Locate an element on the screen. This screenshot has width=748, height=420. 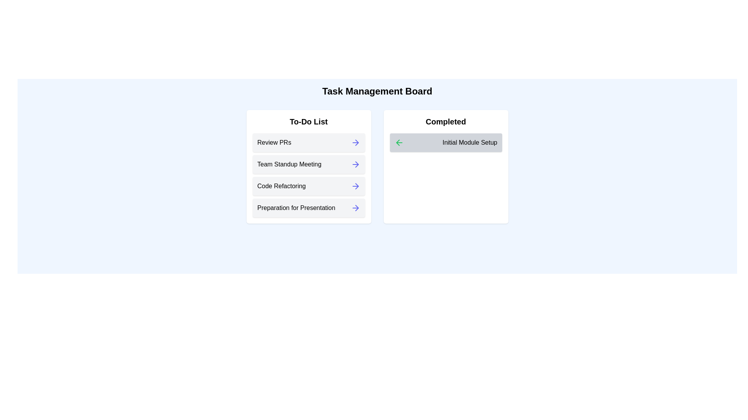
the arrow next to the task 'Code Refactoring' in the 'To-Do List' to move it to the 'Completed' list is located at coordinates (355, 186).